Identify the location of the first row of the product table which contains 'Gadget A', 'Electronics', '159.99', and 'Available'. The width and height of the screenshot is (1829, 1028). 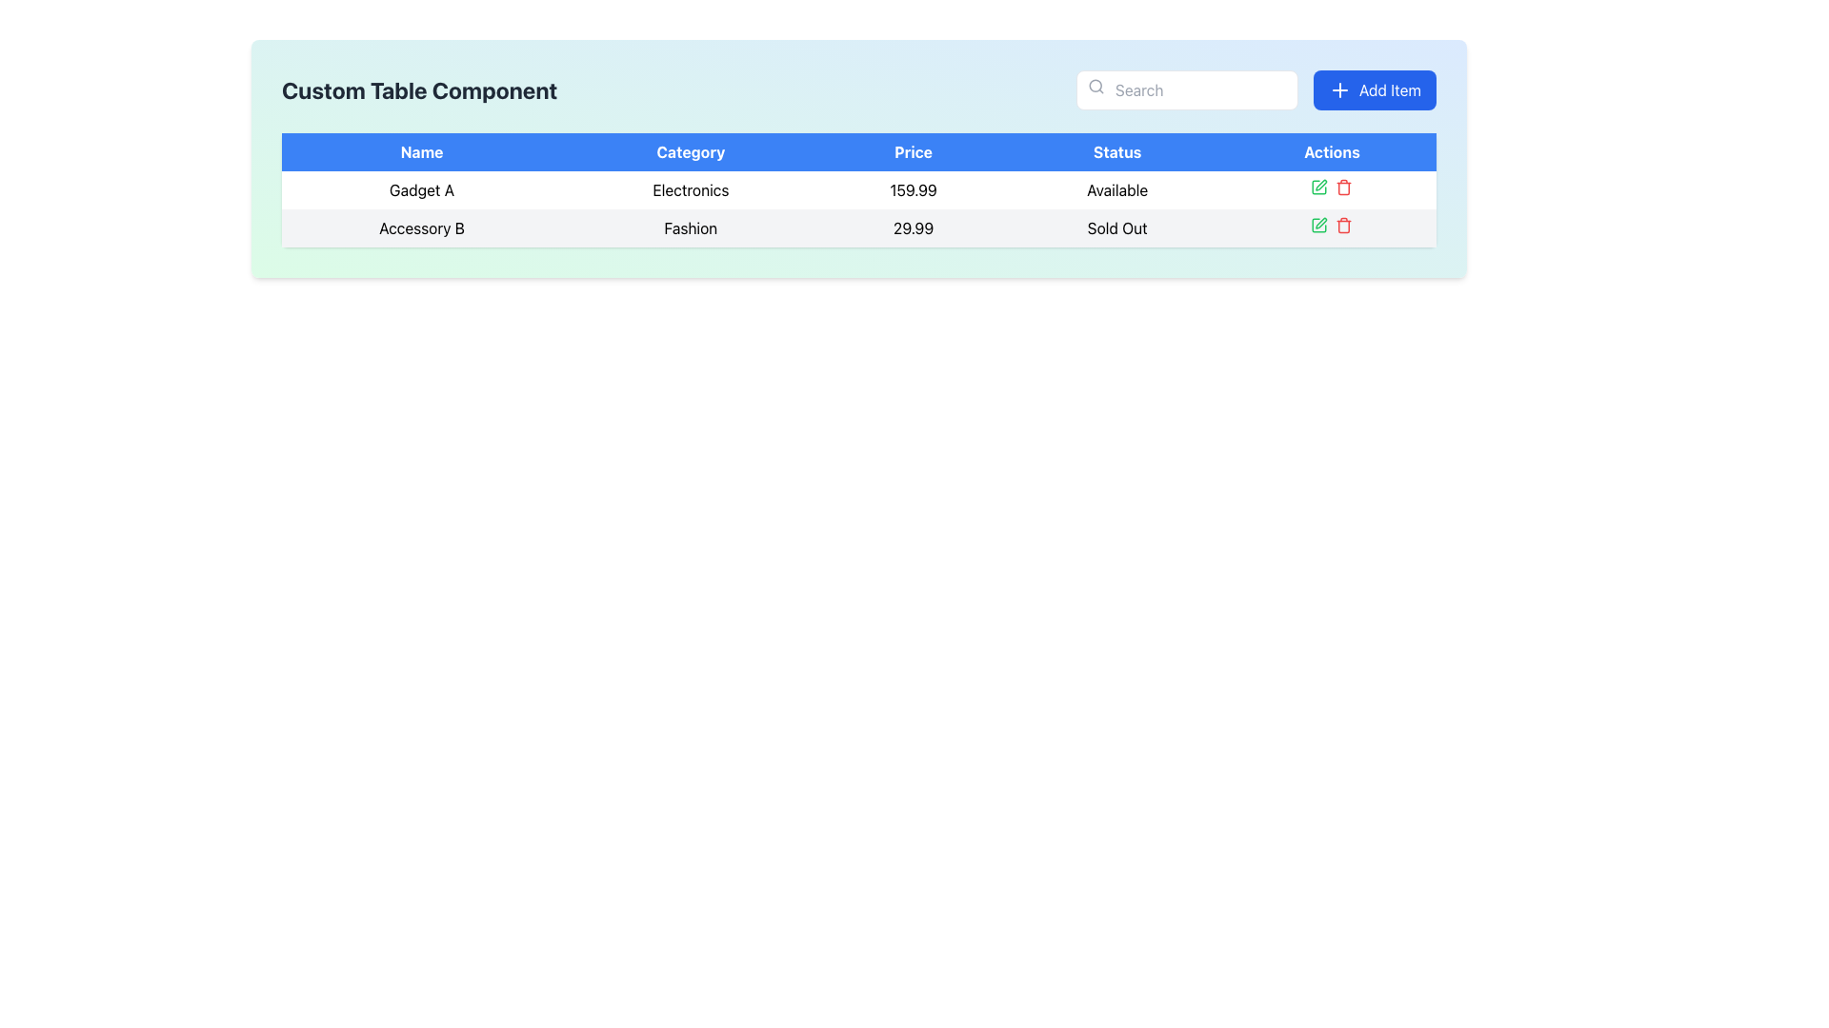
(858, 190).